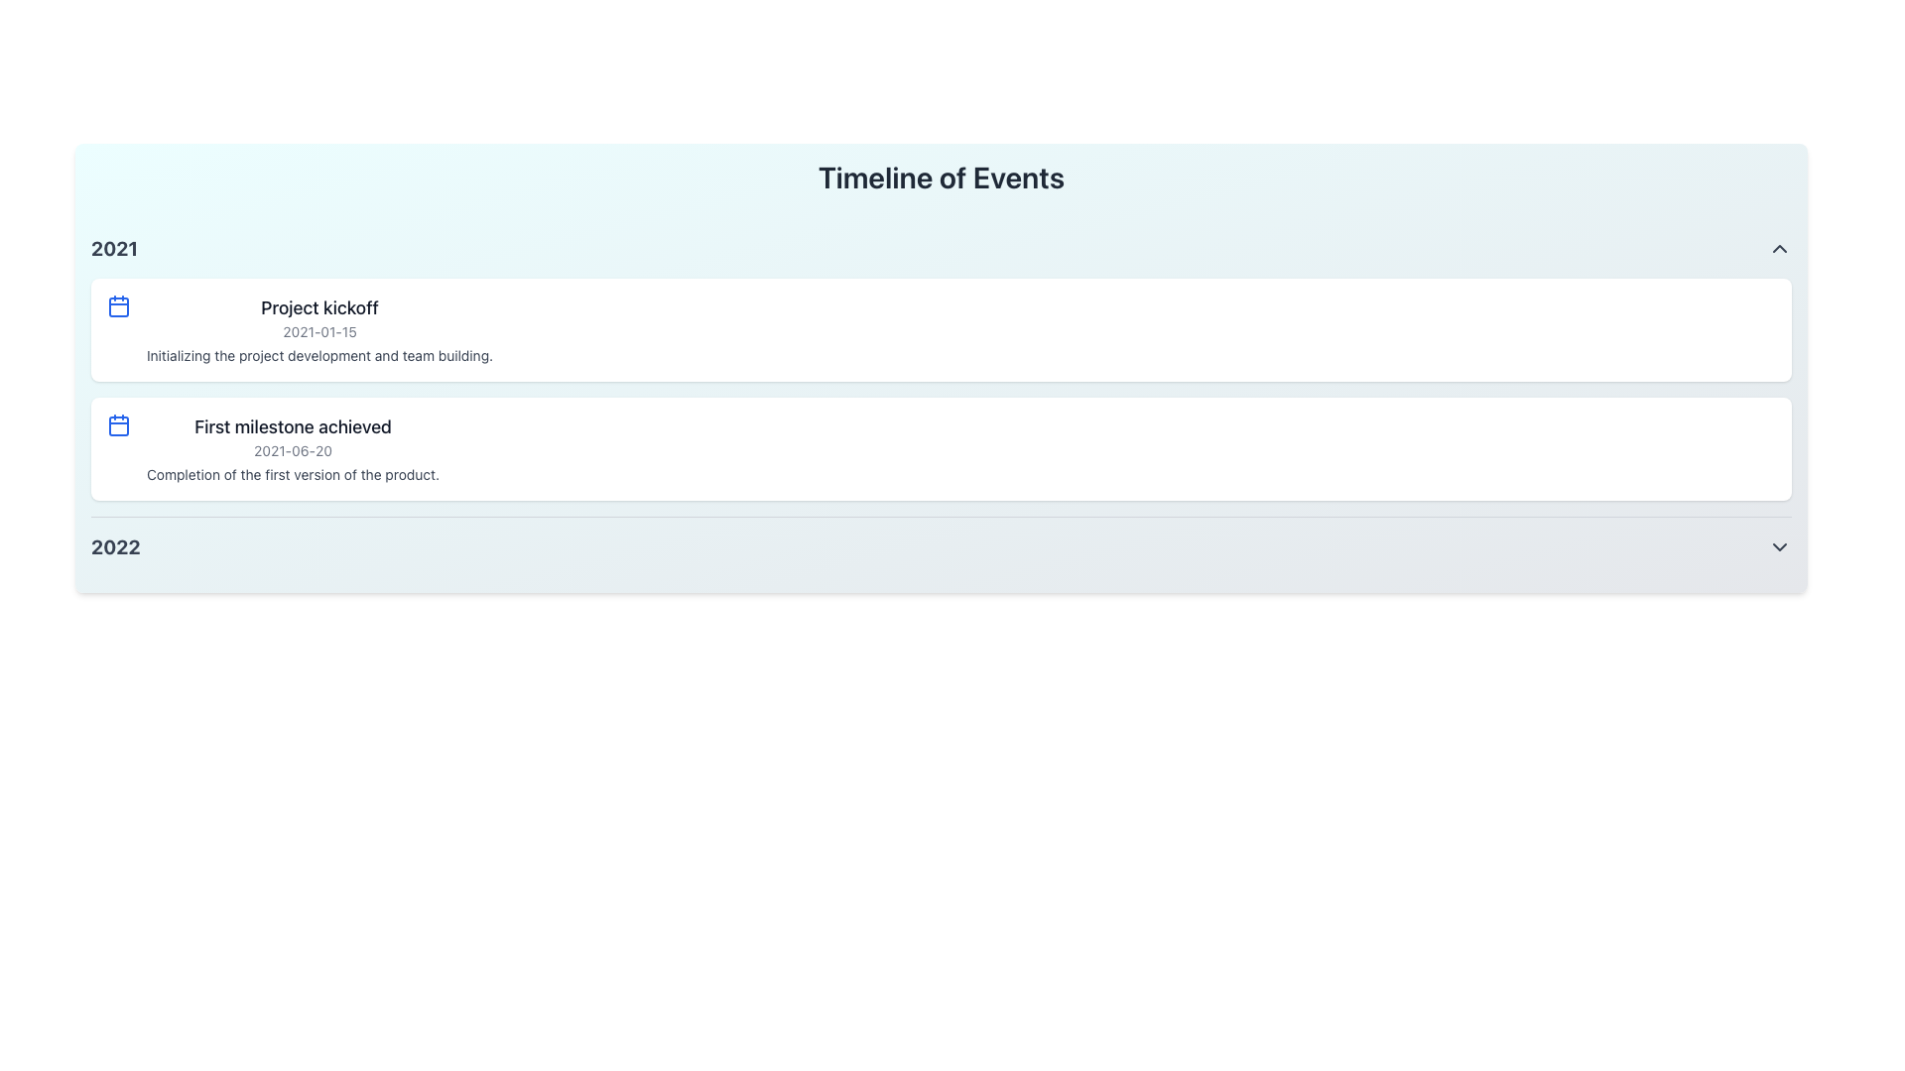  I want to click on title displayed in the text label, which shows 'Timeline of Events' in bold within a light blue gradient header, so click(941, 176).